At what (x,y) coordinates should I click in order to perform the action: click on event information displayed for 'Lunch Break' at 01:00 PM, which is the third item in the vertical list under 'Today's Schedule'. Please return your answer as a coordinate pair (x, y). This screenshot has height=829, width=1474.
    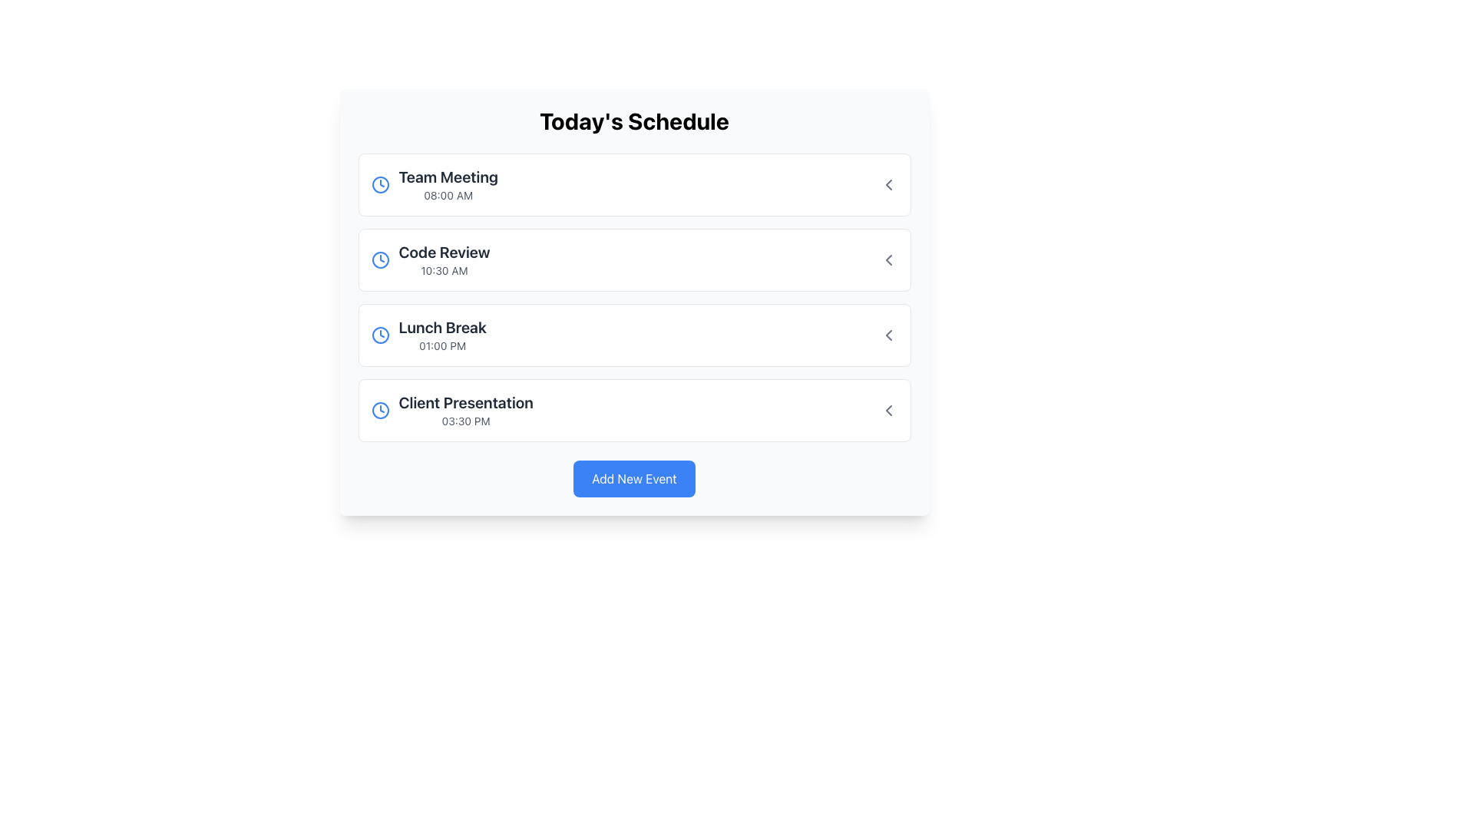
    Looking at the image, I should click on (428, 334).